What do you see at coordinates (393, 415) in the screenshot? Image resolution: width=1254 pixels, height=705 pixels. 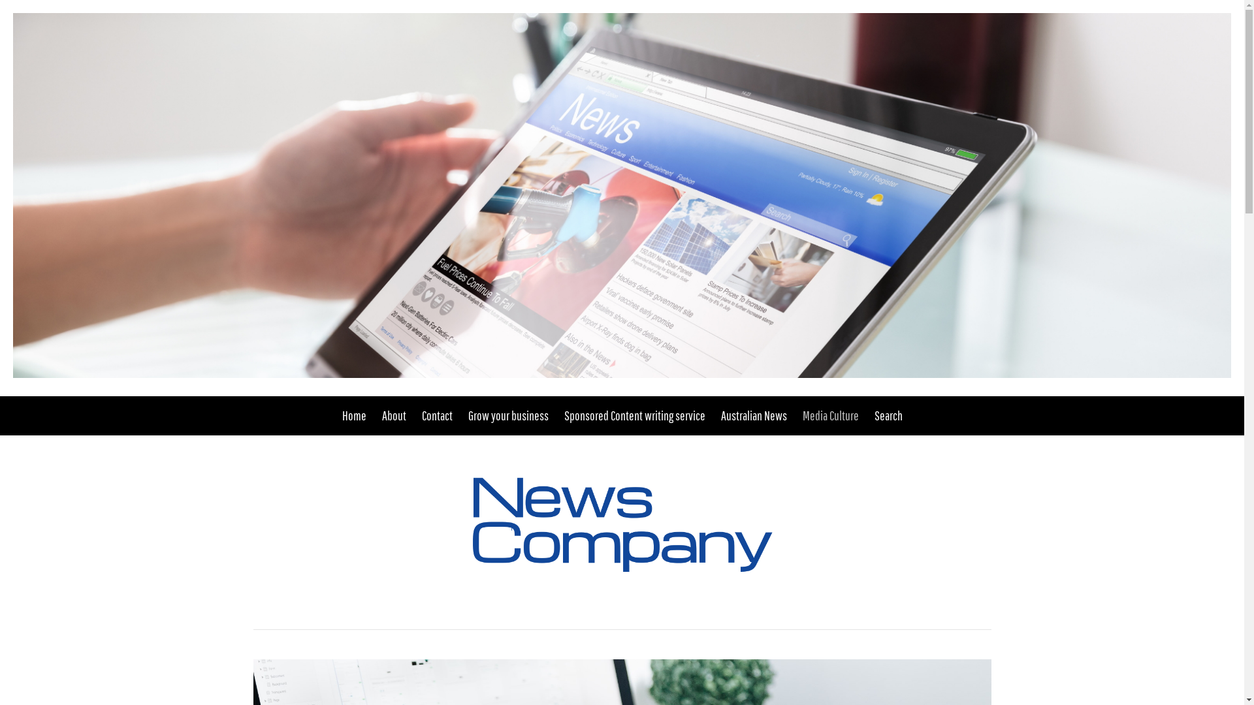 I see `'About'` at bounding box center [393, 415].